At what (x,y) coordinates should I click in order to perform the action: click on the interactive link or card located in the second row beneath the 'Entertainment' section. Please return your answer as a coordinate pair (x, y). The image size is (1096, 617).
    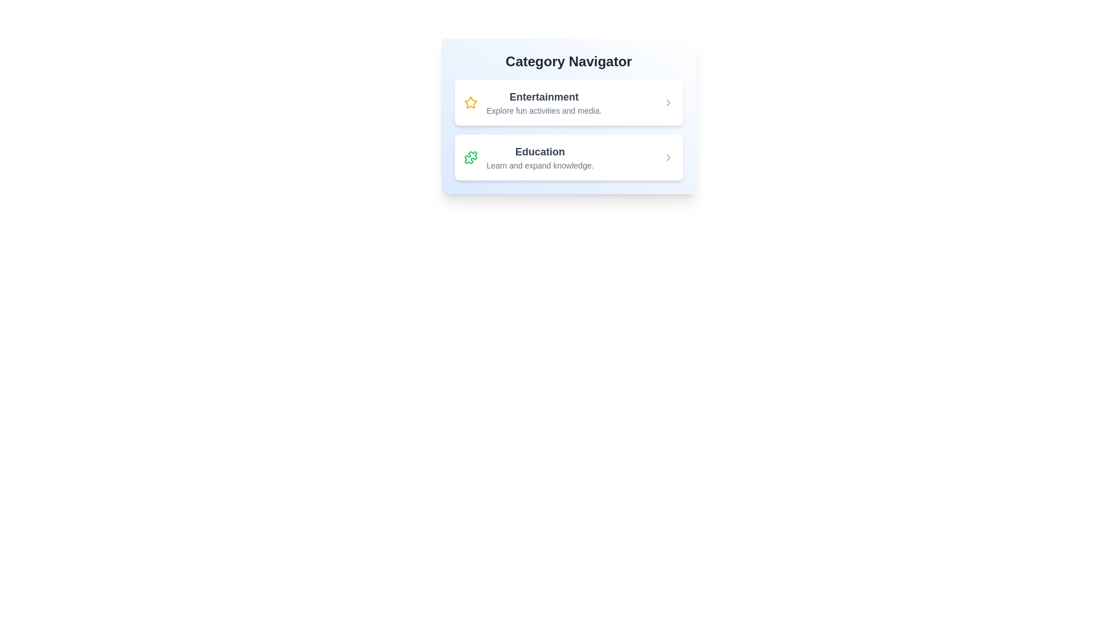
    Looking at the image, I should click on (528, 158).